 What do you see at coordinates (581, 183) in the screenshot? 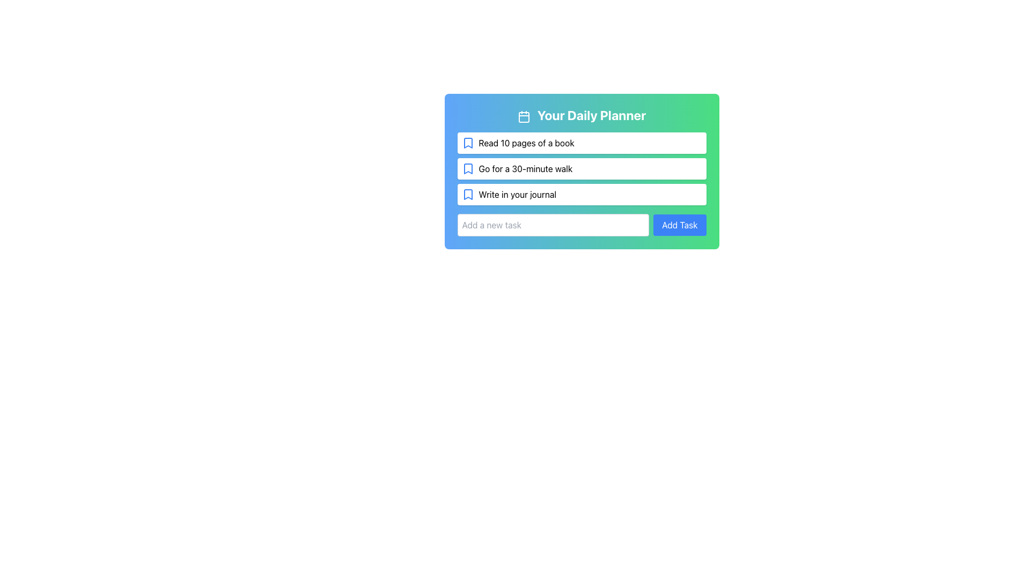
I see `an individual task in the Task List Section of the 'Your Daily Planner'` at bounding box center [581, 183].